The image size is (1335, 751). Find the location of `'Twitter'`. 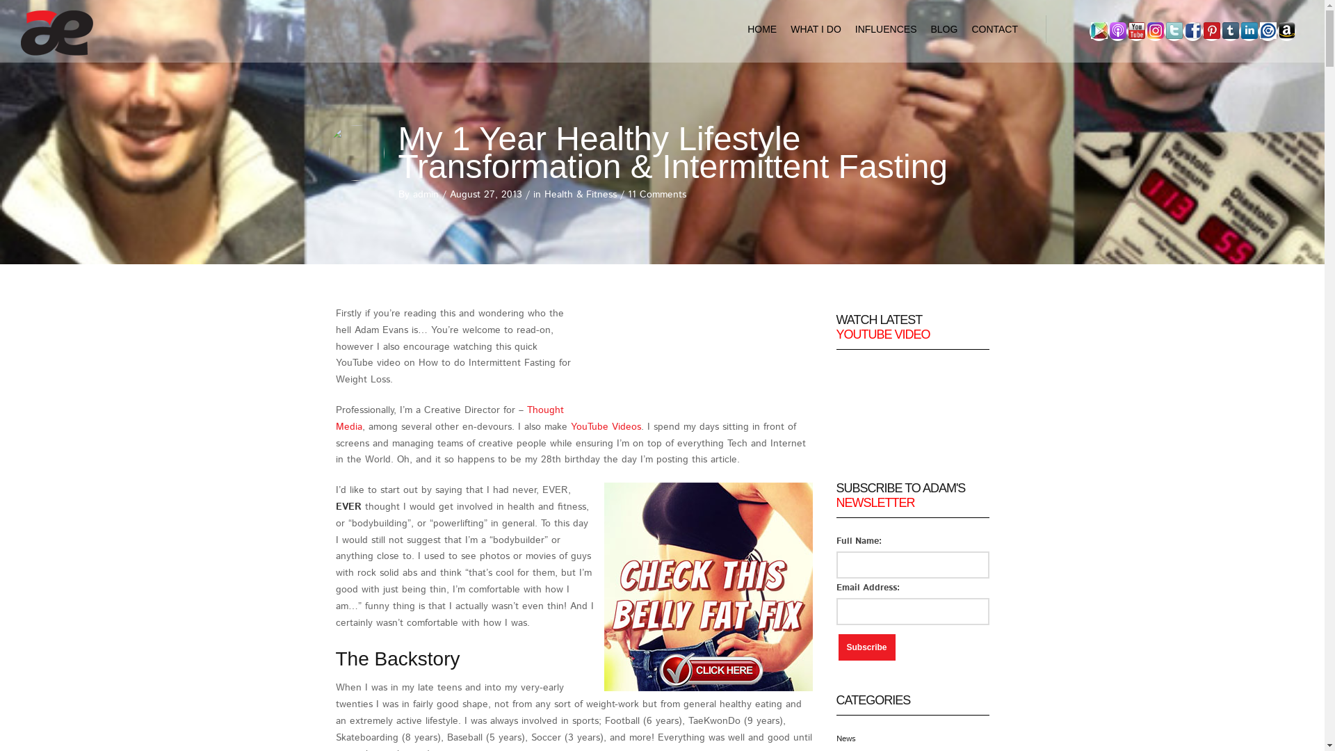

'Twitter' is located at coordinates (1173, 30).